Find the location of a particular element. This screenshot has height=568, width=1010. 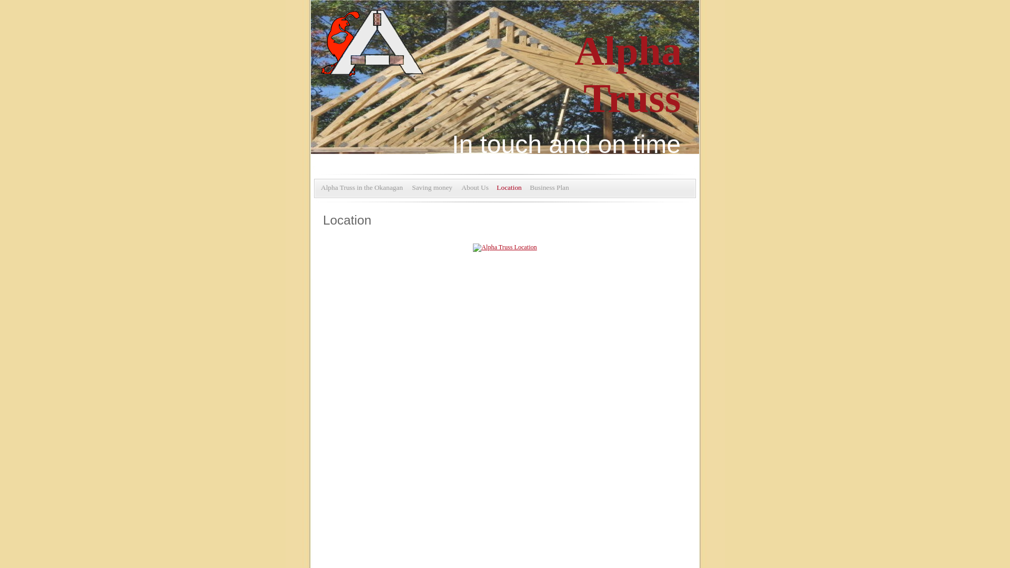

'About Us' is located at coordinates (474, 187).